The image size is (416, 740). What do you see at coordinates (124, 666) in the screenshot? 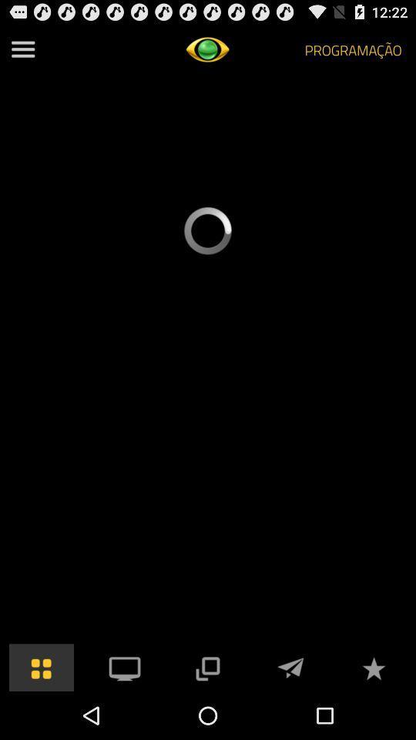
I see `menu selection` at bounding box center [124, 666].